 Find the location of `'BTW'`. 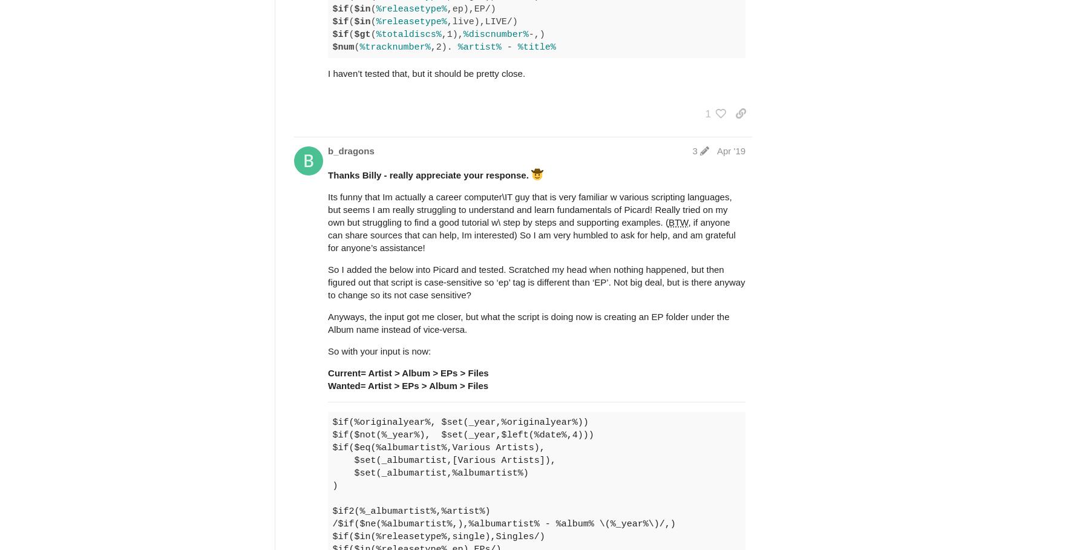

'BTW' is located at coordinates (668, 221).